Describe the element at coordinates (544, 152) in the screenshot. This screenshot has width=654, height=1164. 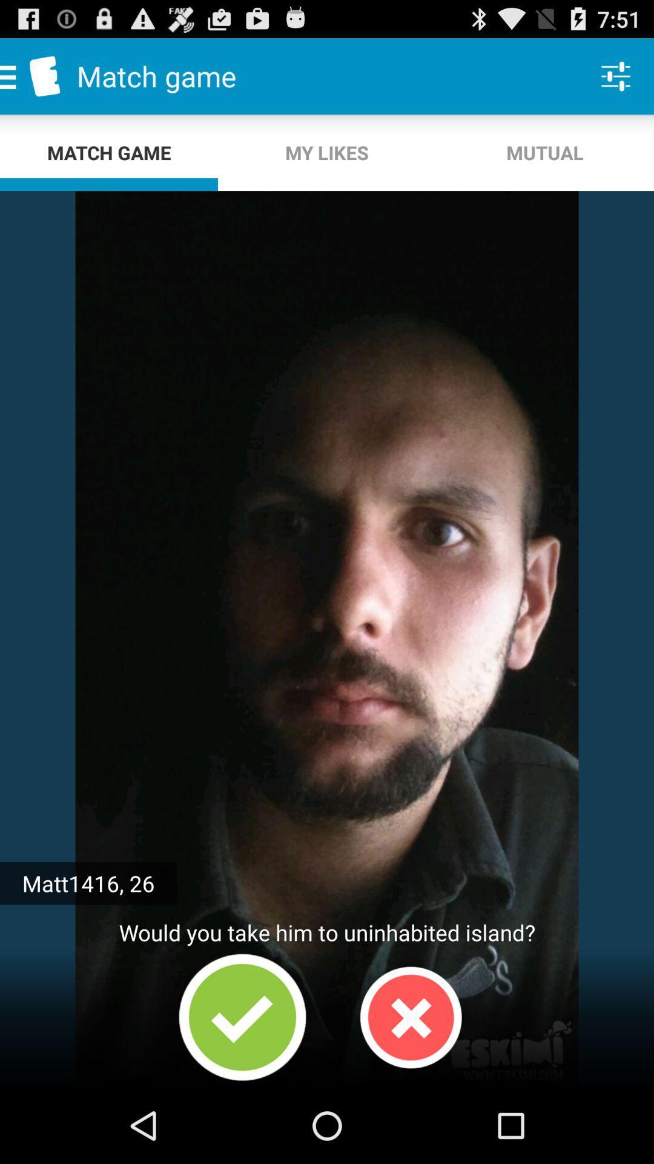
I see `the app to the right of the my likes item` at that location.